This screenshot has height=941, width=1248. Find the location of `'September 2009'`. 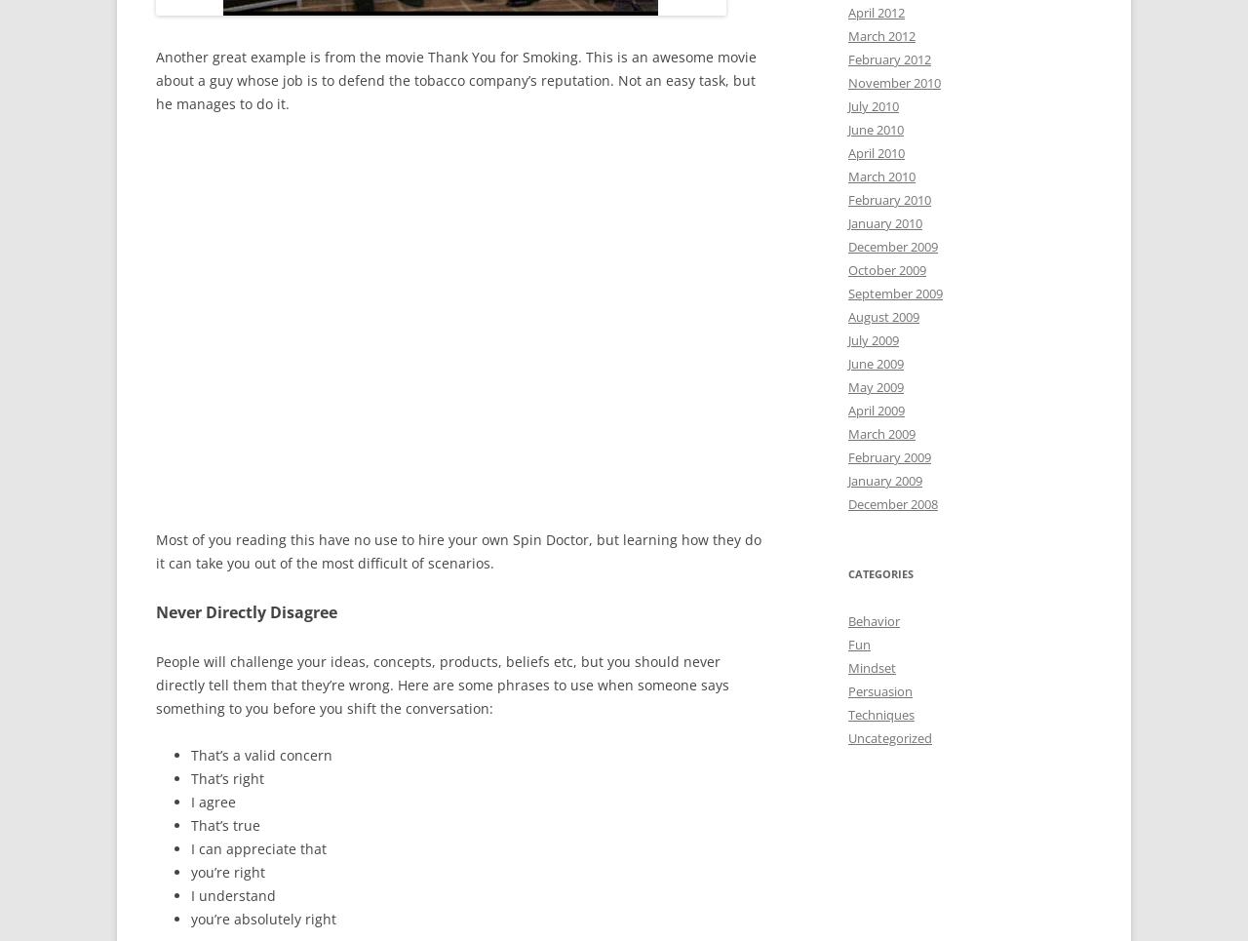

'September 2009' is located at coordinates (894, 292).